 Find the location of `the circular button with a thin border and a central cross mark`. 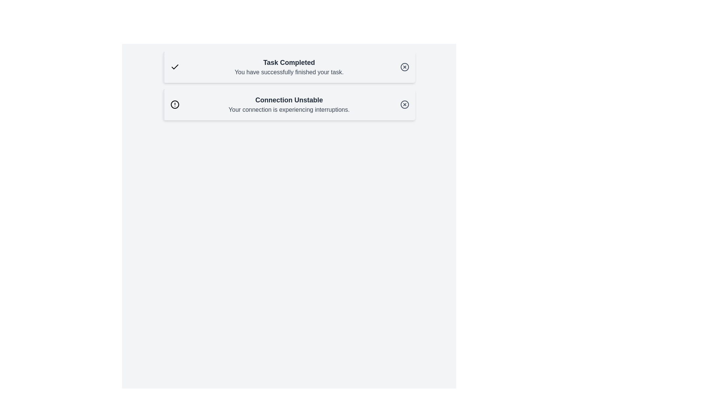

the circular button with a thin border and a central cross mark is located at coordinates (404, 104).